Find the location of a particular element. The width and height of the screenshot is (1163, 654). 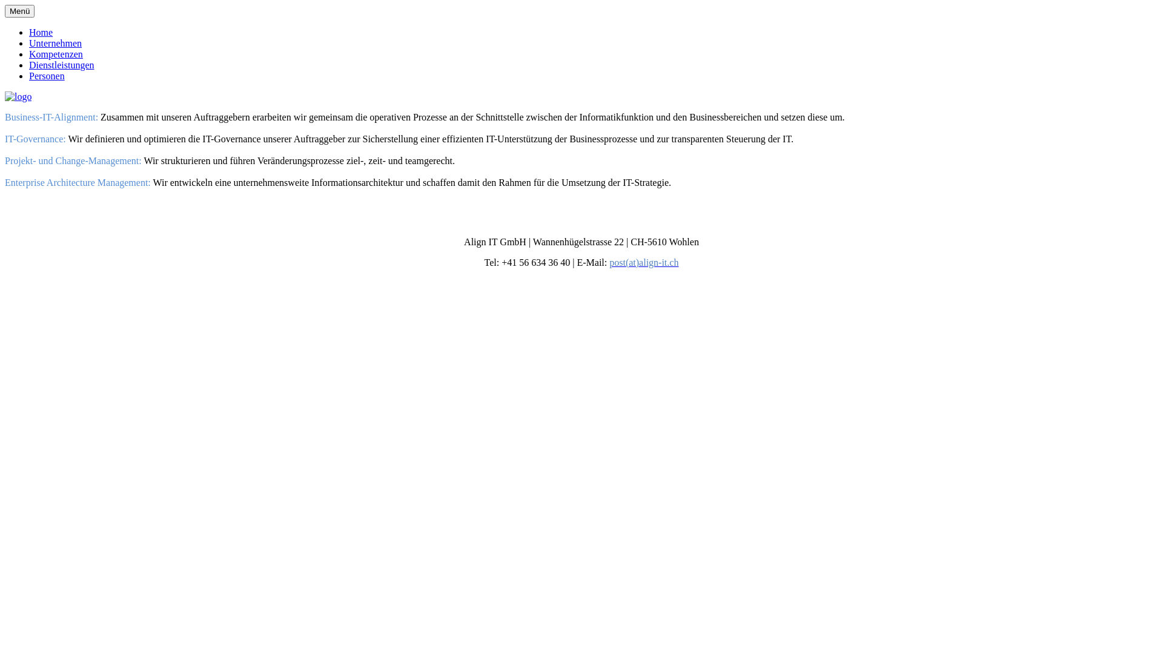

'Dienstleistungen' is located at coordinates (61, 65).